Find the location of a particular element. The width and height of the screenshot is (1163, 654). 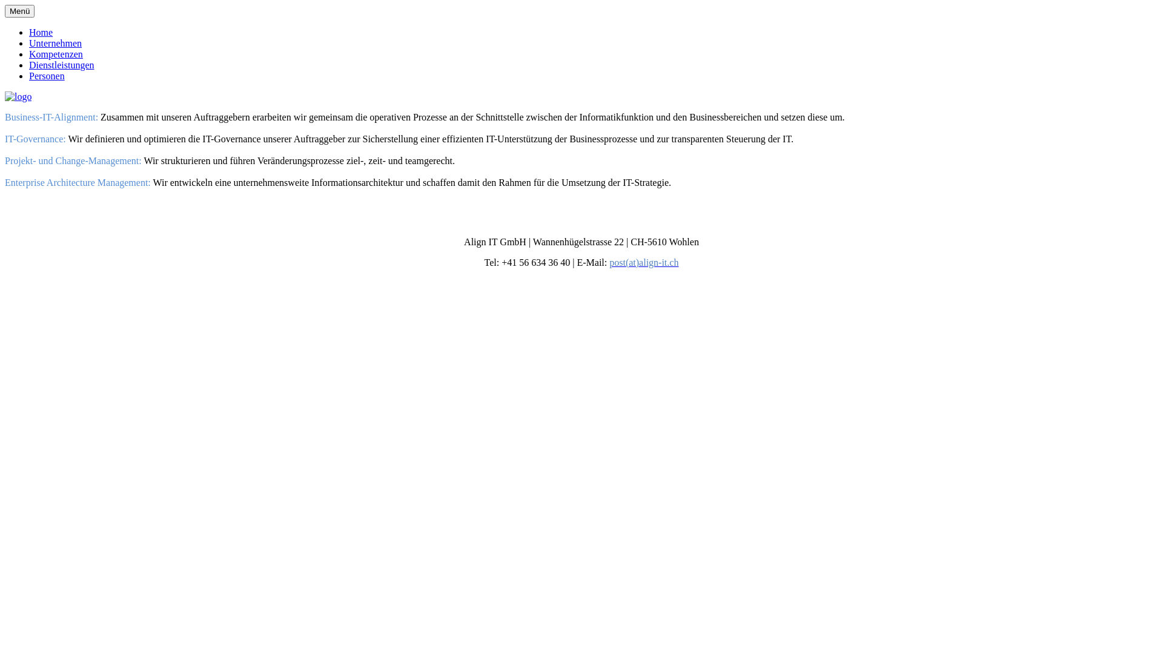

'Dienstleistungen' is located at coordinates (61, 65).